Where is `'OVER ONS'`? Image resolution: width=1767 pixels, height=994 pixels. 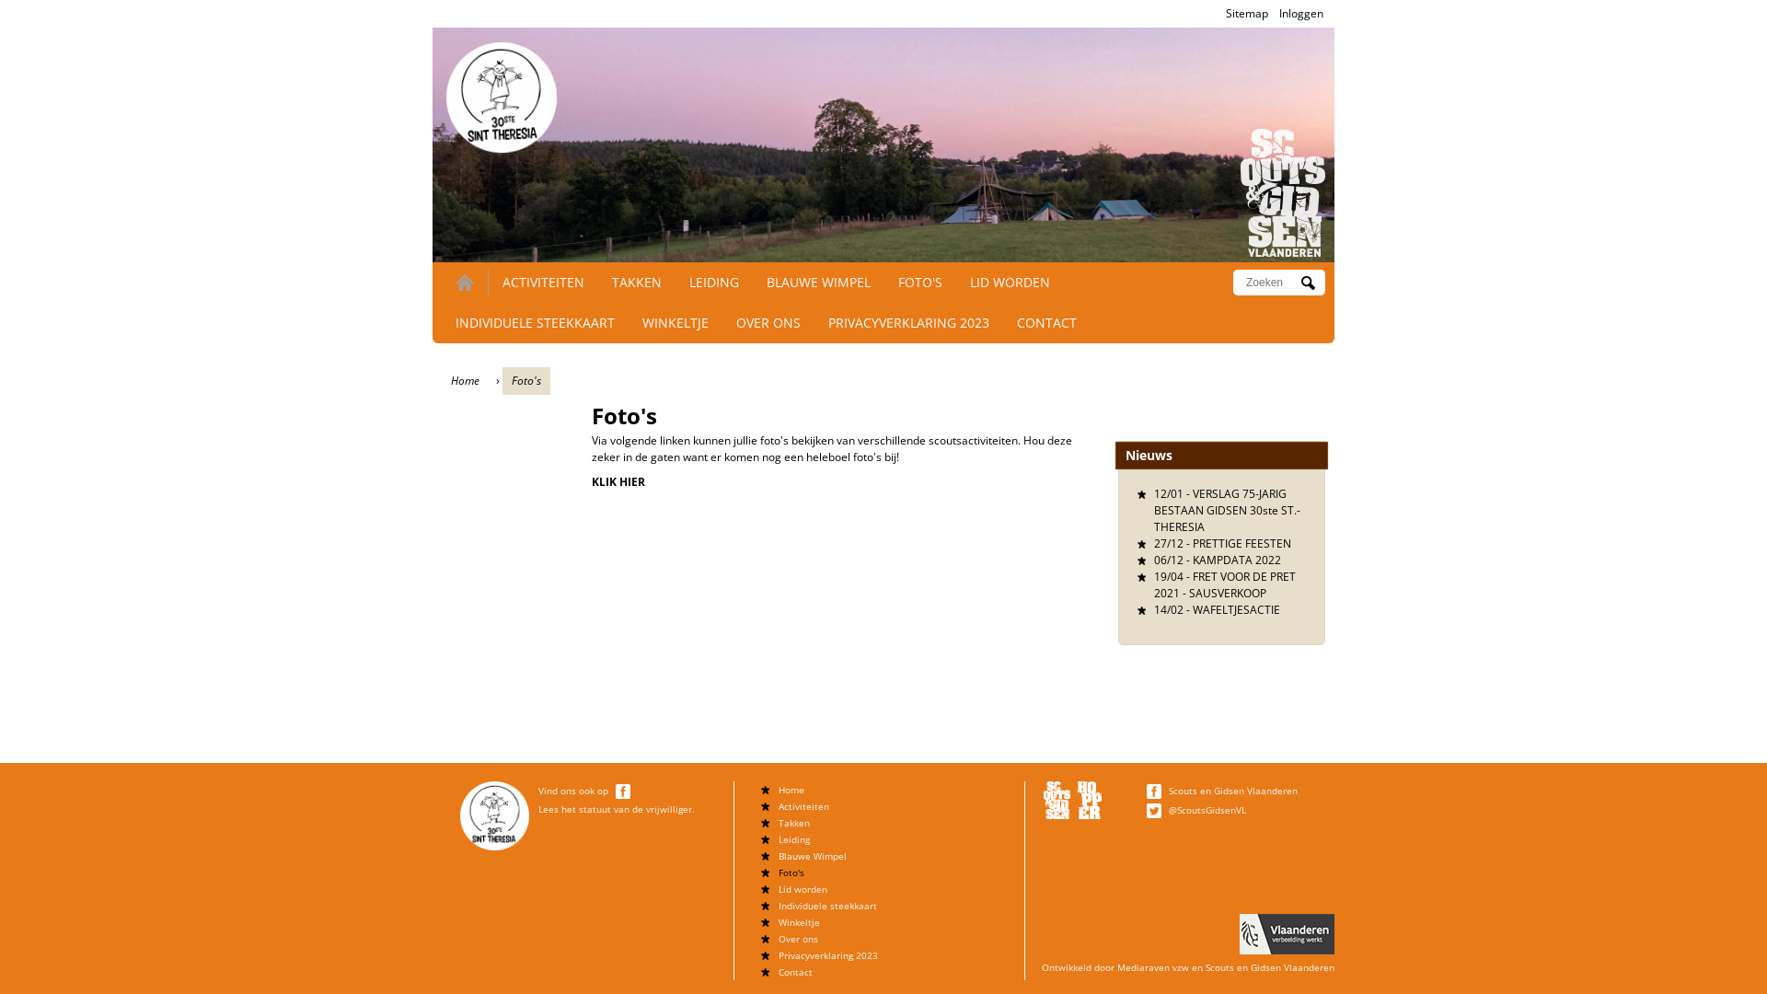 'OVER ONS' is located at coordinates (768, 321).